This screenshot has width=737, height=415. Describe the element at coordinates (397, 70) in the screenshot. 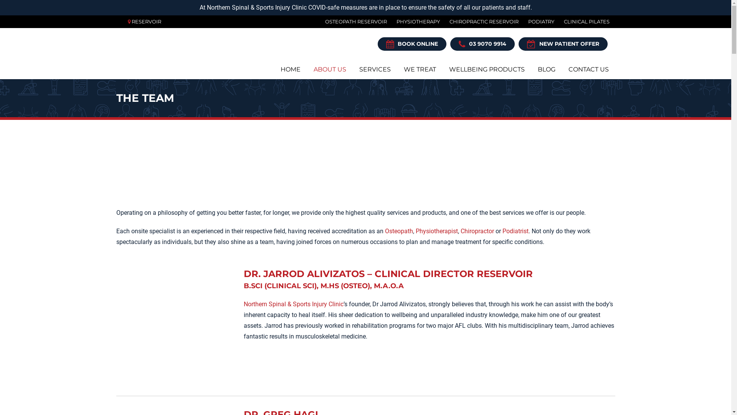

I see `'WE TREAT'` at that location.